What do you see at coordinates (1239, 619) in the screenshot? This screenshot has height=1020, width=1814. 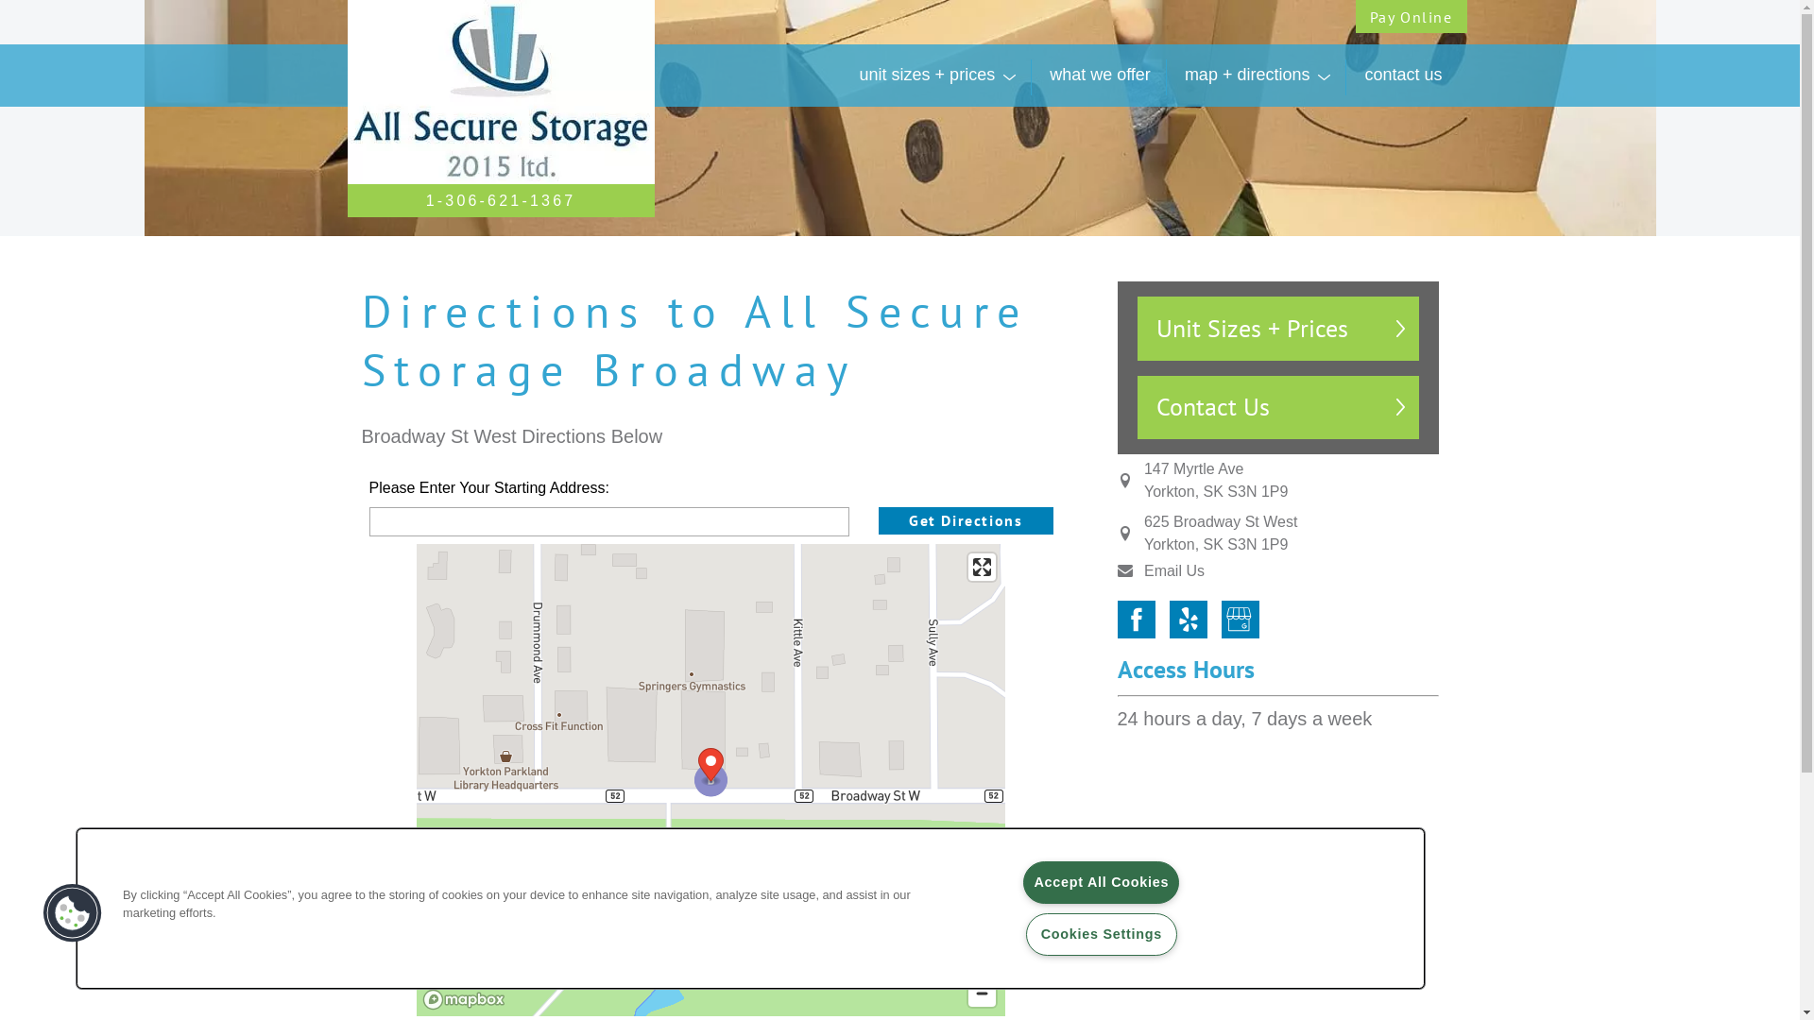 I see `'Google My Business'` at bounding box center [1239, 619].